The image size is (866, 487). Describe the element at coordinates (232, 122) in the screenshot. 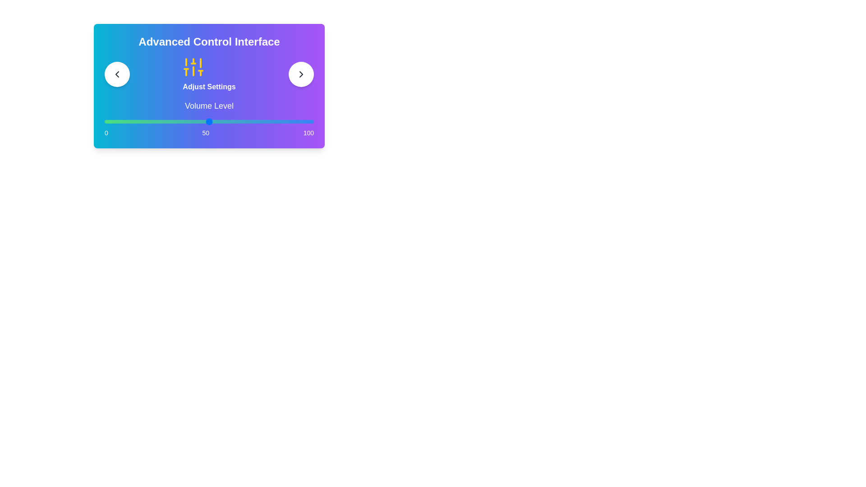

I see `the slider to set the value to 61` at that location.